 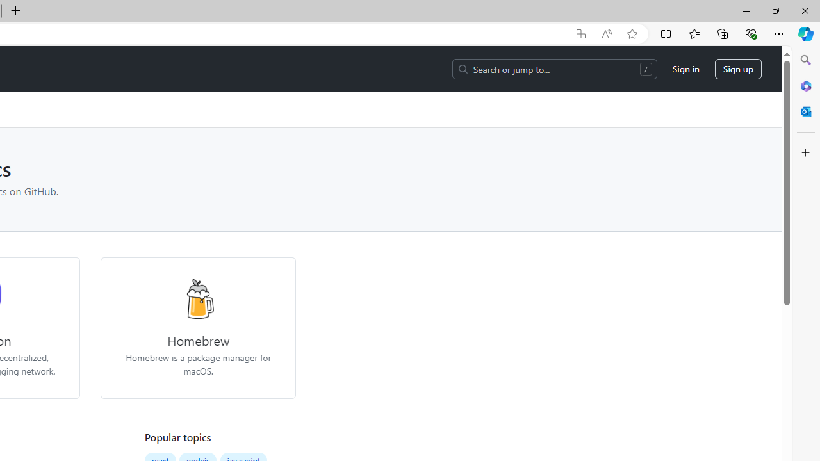 What do you see at coordinates (197, 327) in the screenshot?
I see `'homebrew Homebrew Homebrew is a package manager for macOS.'` at bounding box center [197, 327].